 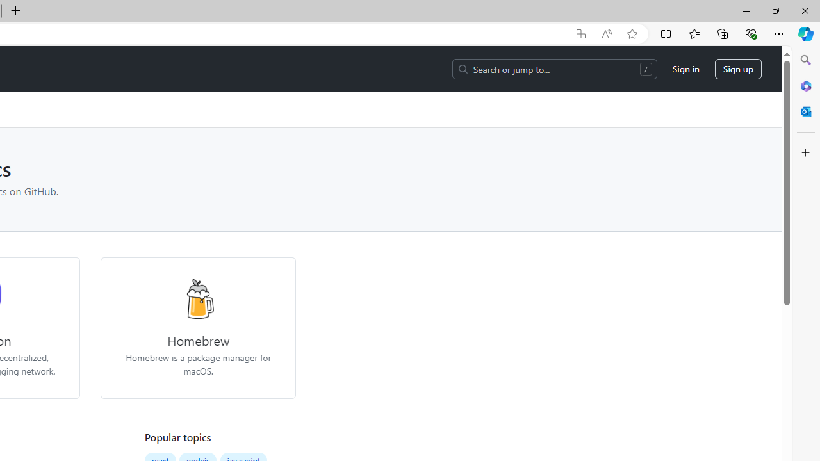 What do you see at coordinates (197, 327) in the screenshot?
I see `'homebrew Homebrew Homebrew is a package manager for macOS.'` at bounding box center [197, 327].